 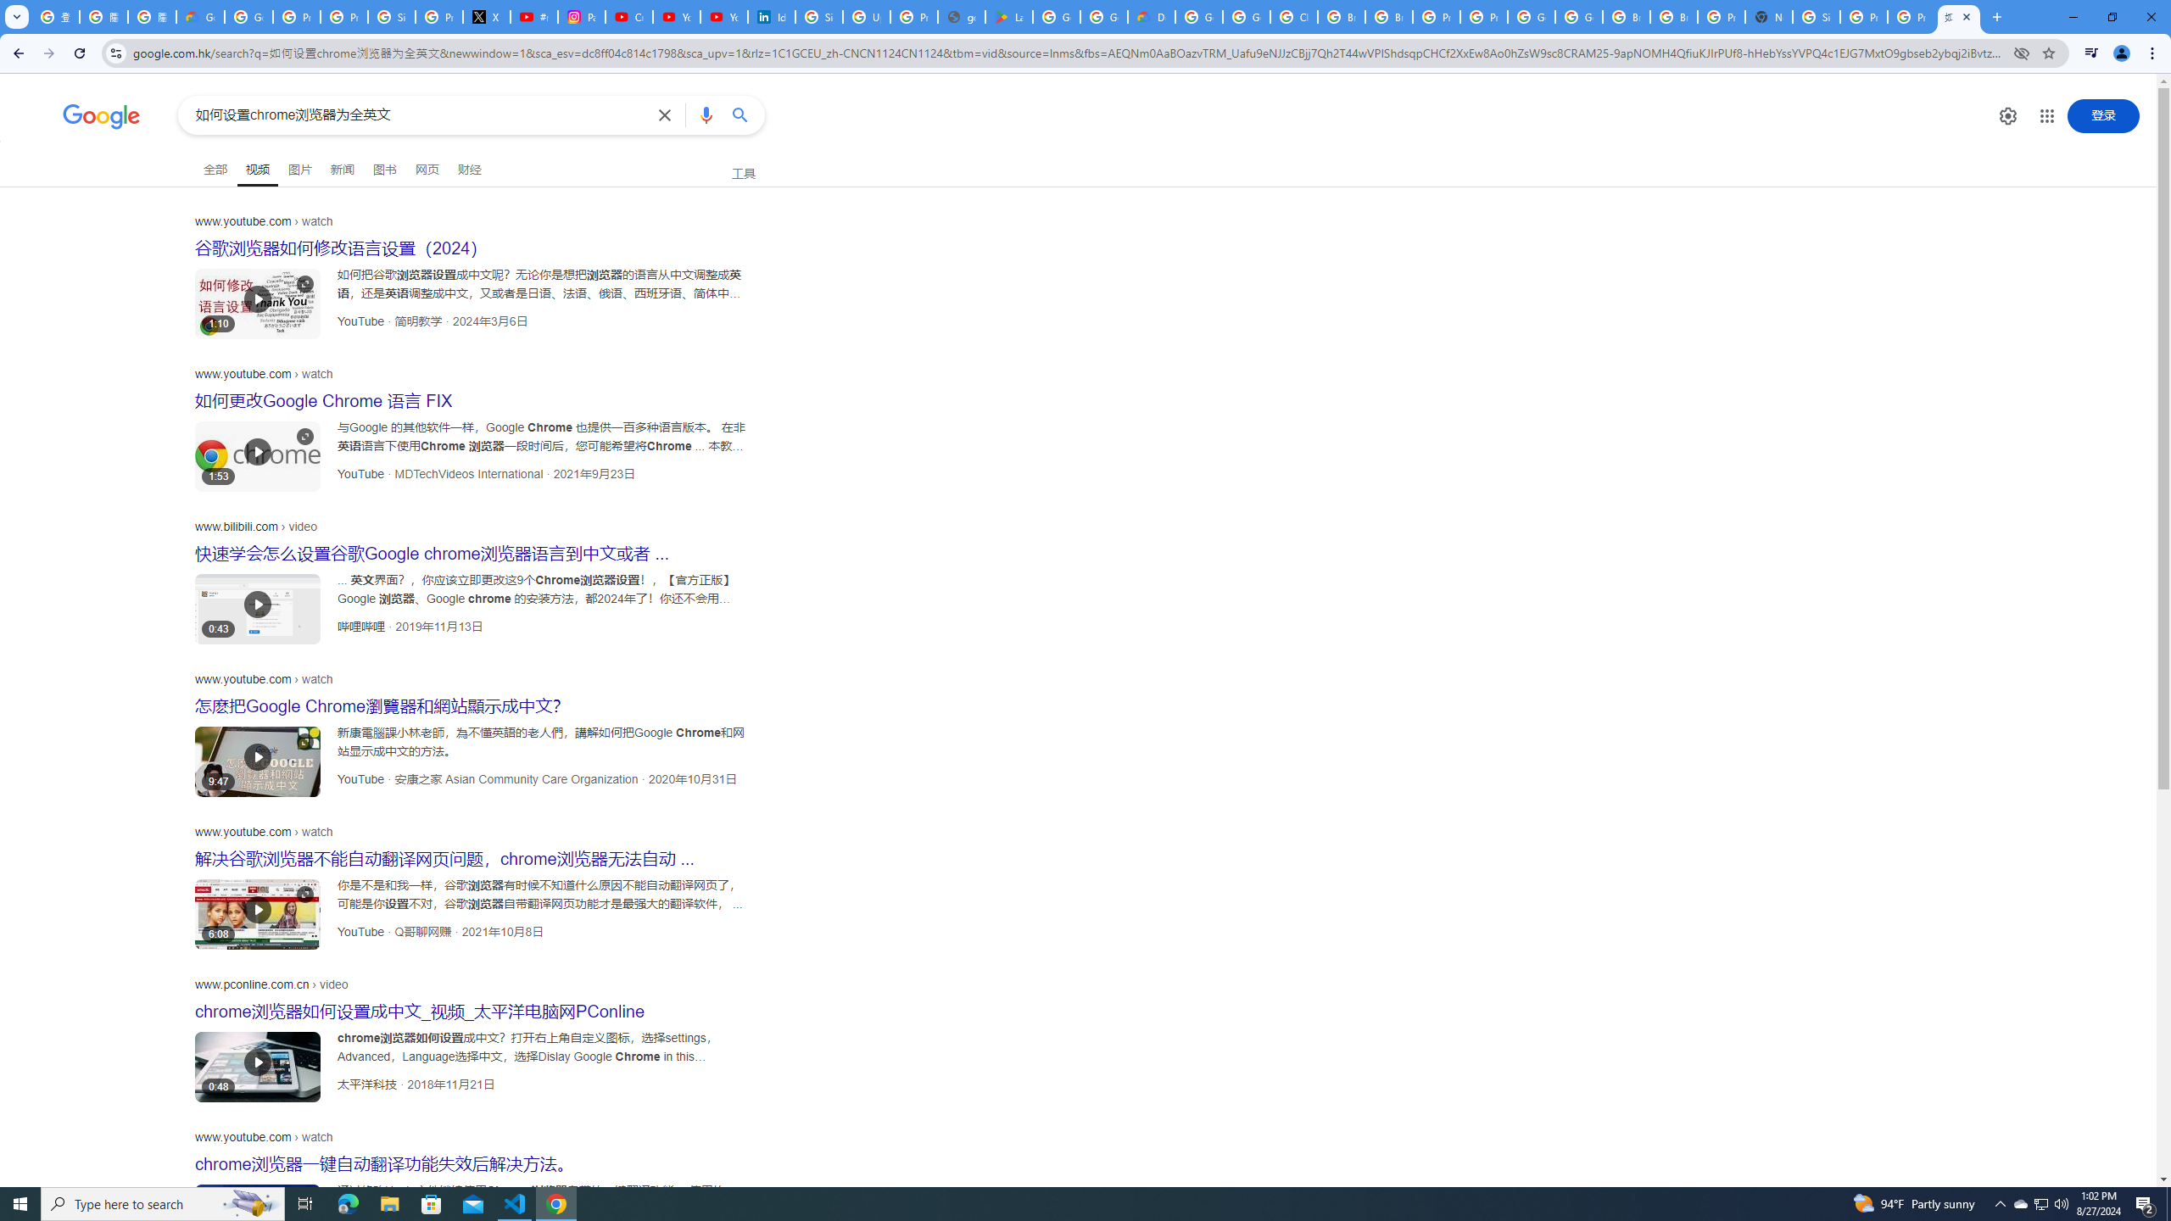 I want to click on 'X', so click(x=487, y=16).